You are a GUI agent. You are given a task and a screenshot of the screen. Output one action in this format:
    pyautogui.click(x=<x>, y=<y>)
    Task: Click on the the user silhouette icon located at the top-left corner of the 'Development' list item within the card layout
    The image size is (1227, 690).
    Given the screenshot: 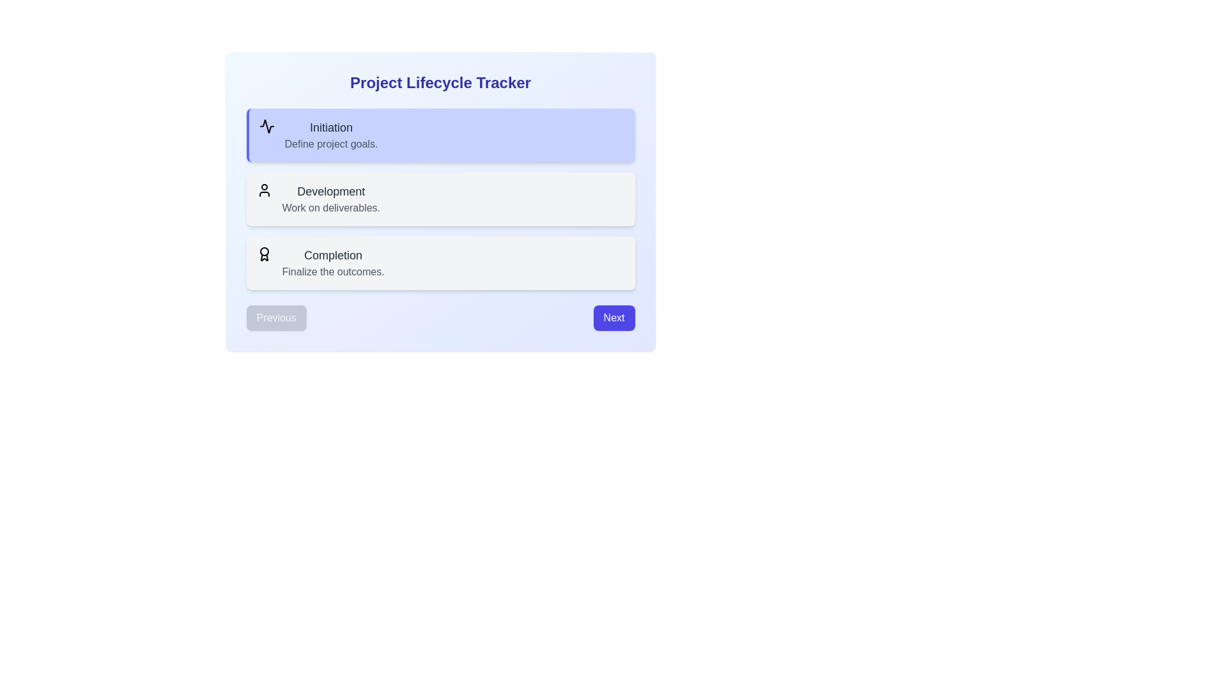 What is the action you would take?
    pyautogui.click(x=263, y=190)
    